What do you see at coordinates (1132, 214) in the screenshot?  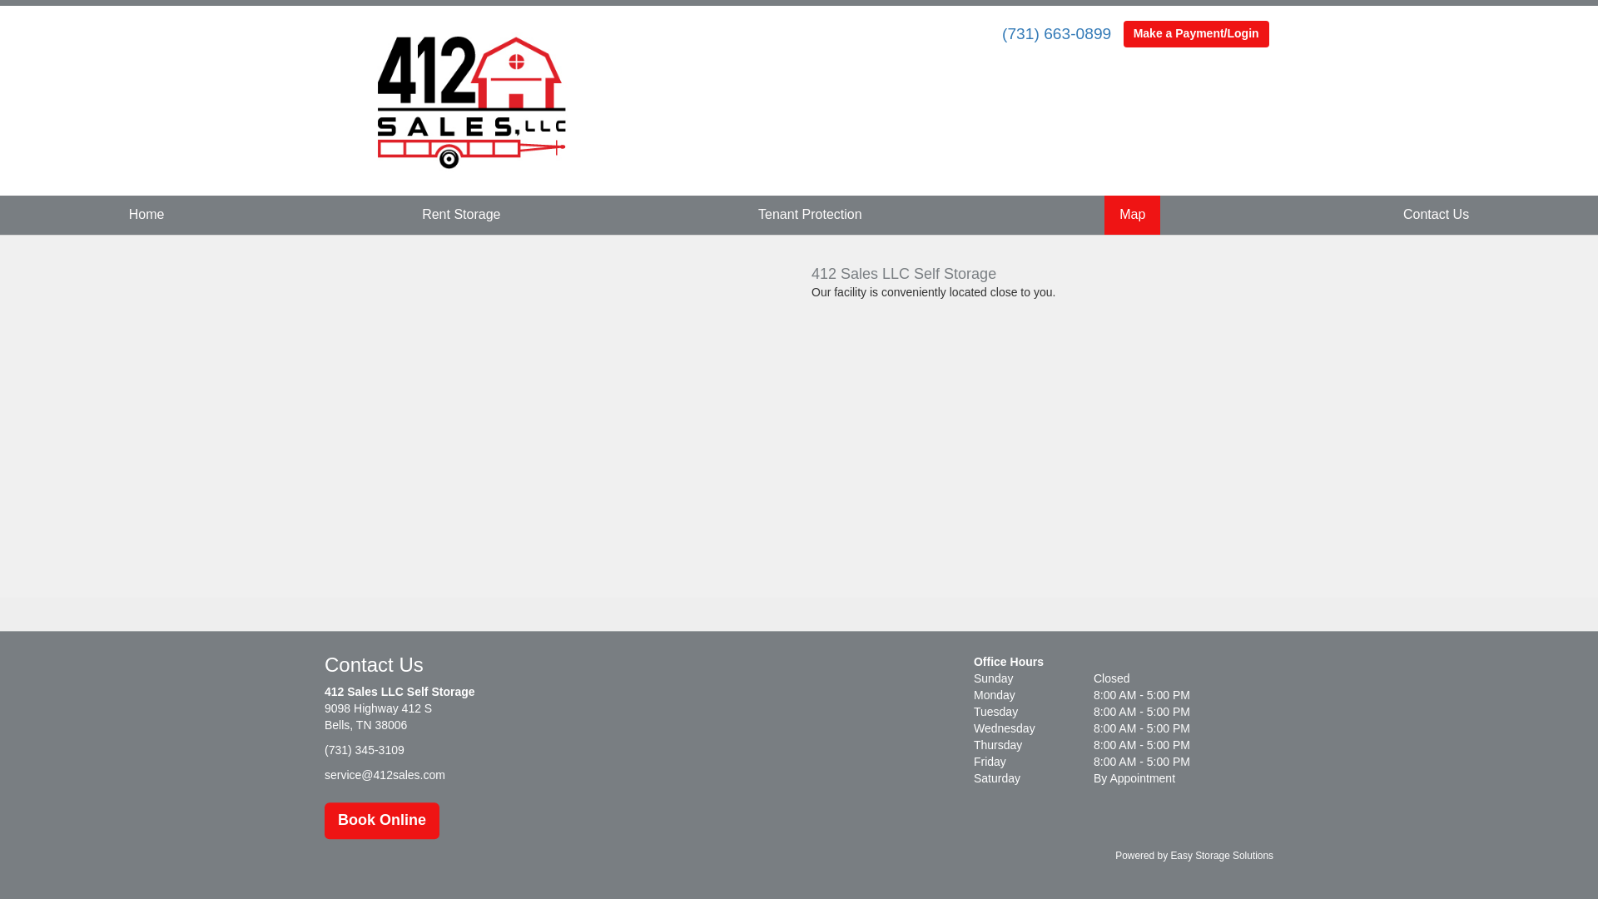 I see `'Map'` at bounding box center [1132, 214].